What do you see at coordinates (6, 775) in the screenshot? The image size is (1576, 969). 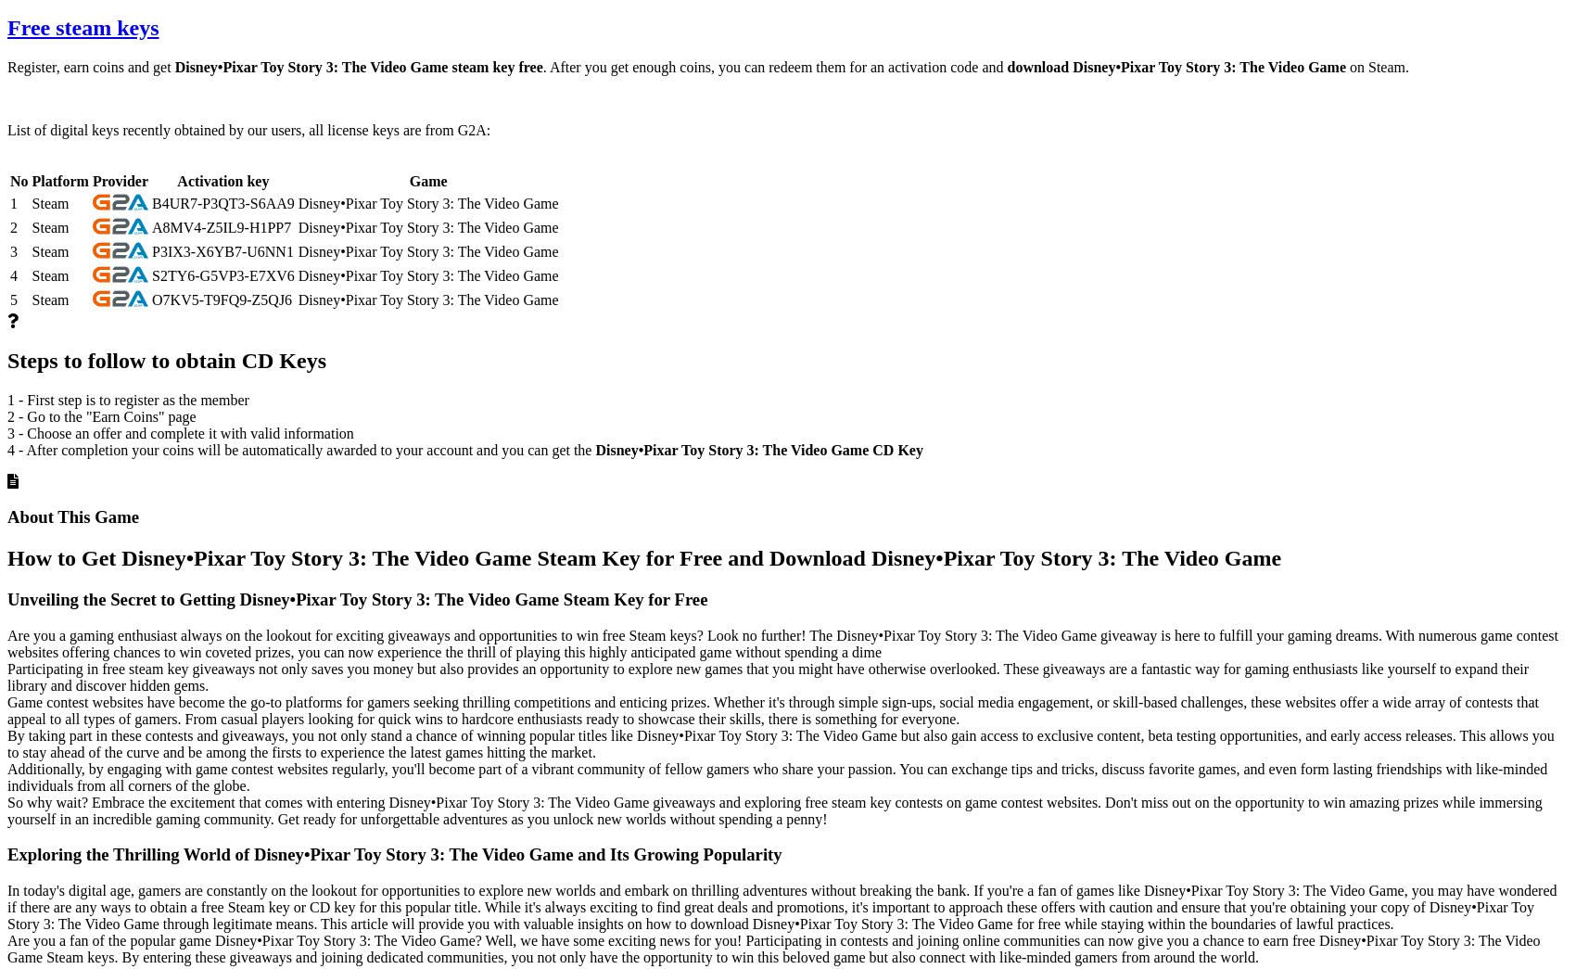 I see `'Additionally, by engaging with game contest websites regularly, you'll become part of a vibrant community of fellow gamers who share your passion. You can exchange tips and tricks, discuss favorite games, and even form lasting friendships with like-minded individuals from all corners of the globe.'` at bounding box center [6, 775].